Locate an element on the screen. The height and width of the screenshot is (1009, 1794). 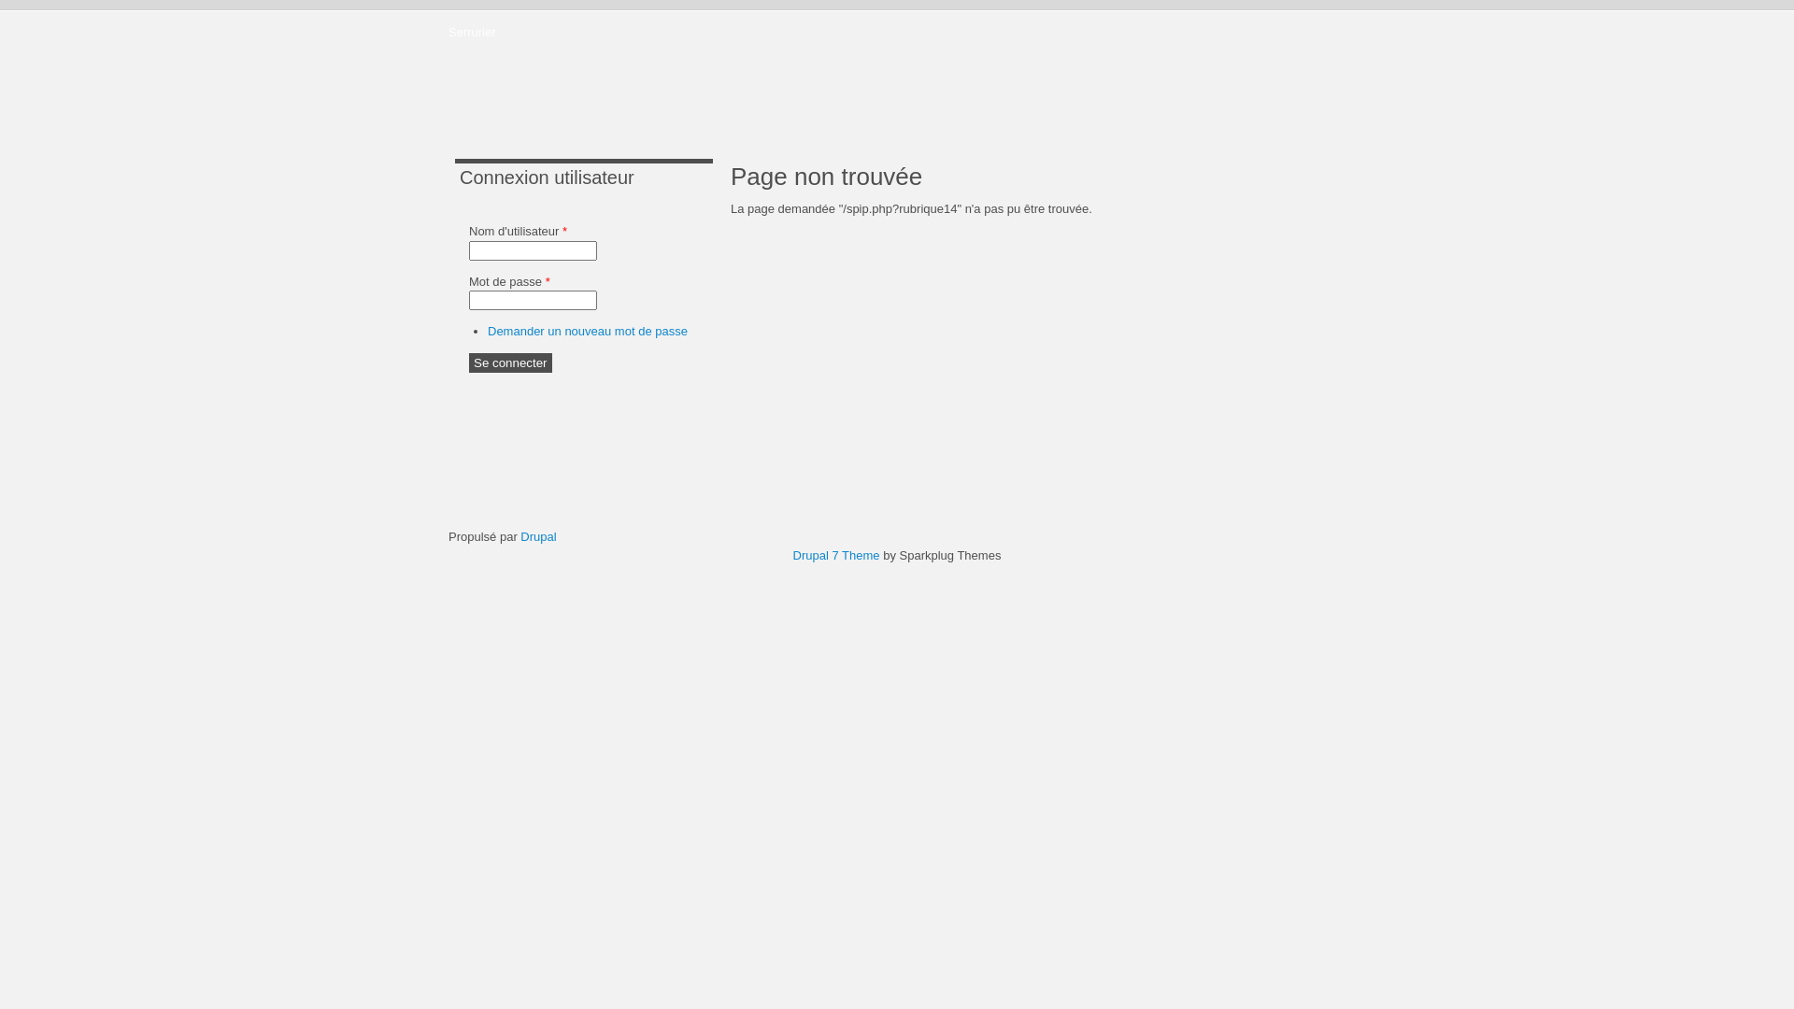
'Se connecter' is located at coordinates (510, 362).